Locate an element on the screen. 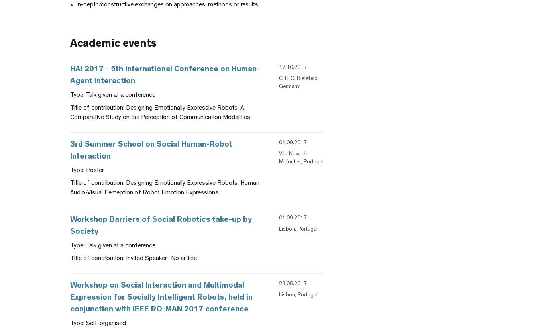  'HAI 2017 - 5th International Conference on Human-Agent Interaction' is located at coordinates (165, 75).